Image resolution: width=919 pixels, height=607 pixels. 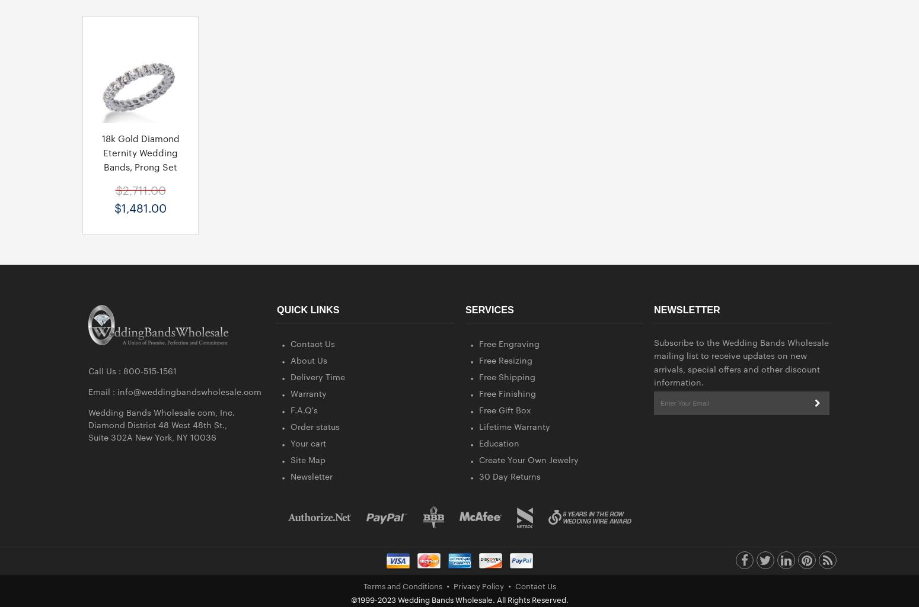 What do you see at coordinates (308, 443) in the screenshot?
I see `'Your cart'` at bounding box center [308, 443].